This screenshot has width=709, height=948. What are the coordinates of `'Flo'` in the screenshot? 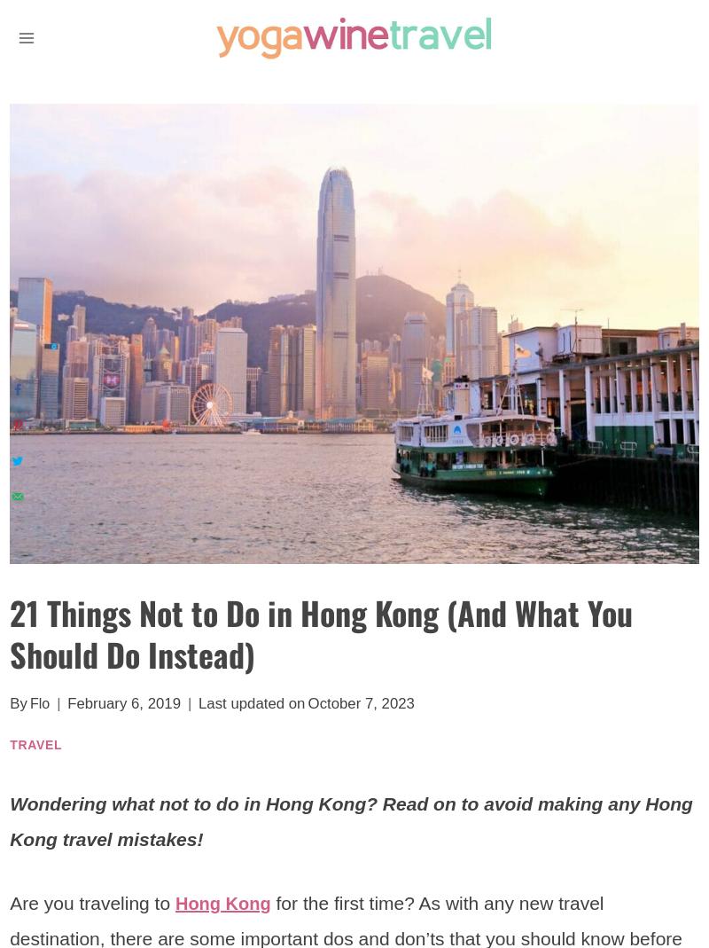 It's located at (38, 703).